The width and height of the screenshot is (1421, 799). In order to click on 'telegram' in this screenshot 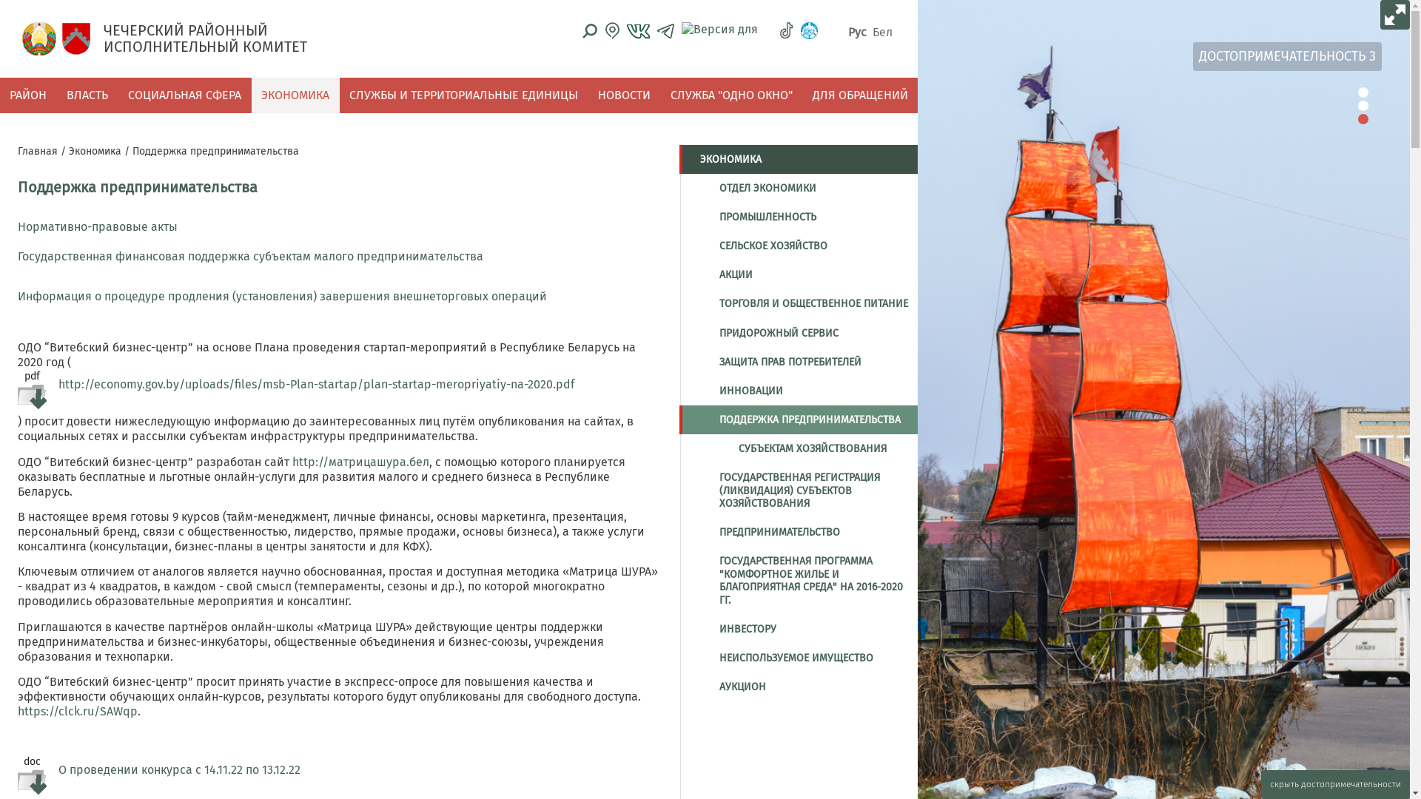, I will do `click(665, 31)`.